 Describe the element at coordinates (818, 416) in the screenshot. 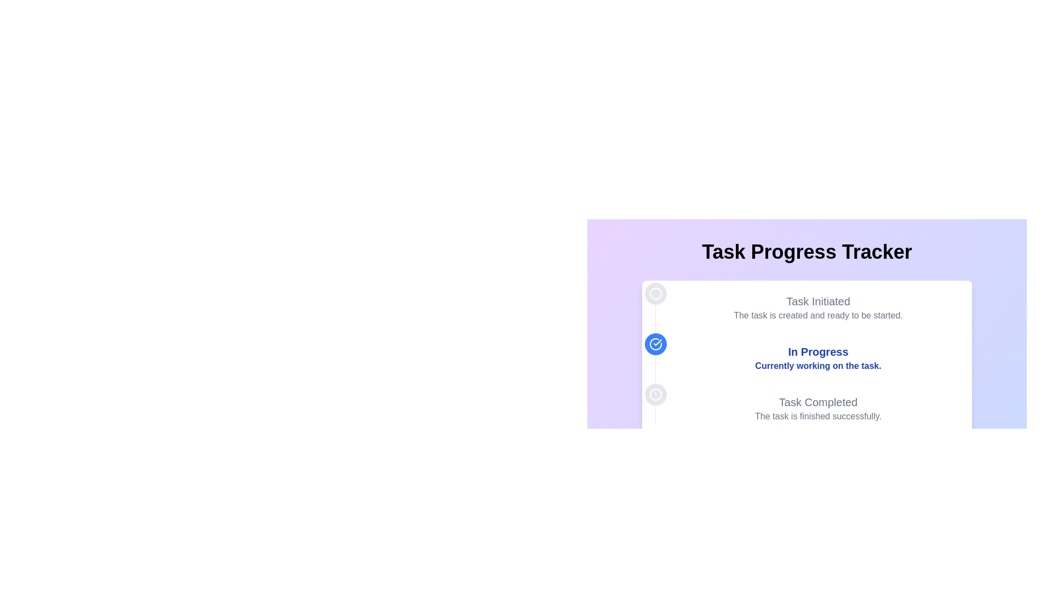

I see `the text label that reads 'The task is finished successfully.' located below the 'Task Completed' heading in the task tracker interface` at that location.